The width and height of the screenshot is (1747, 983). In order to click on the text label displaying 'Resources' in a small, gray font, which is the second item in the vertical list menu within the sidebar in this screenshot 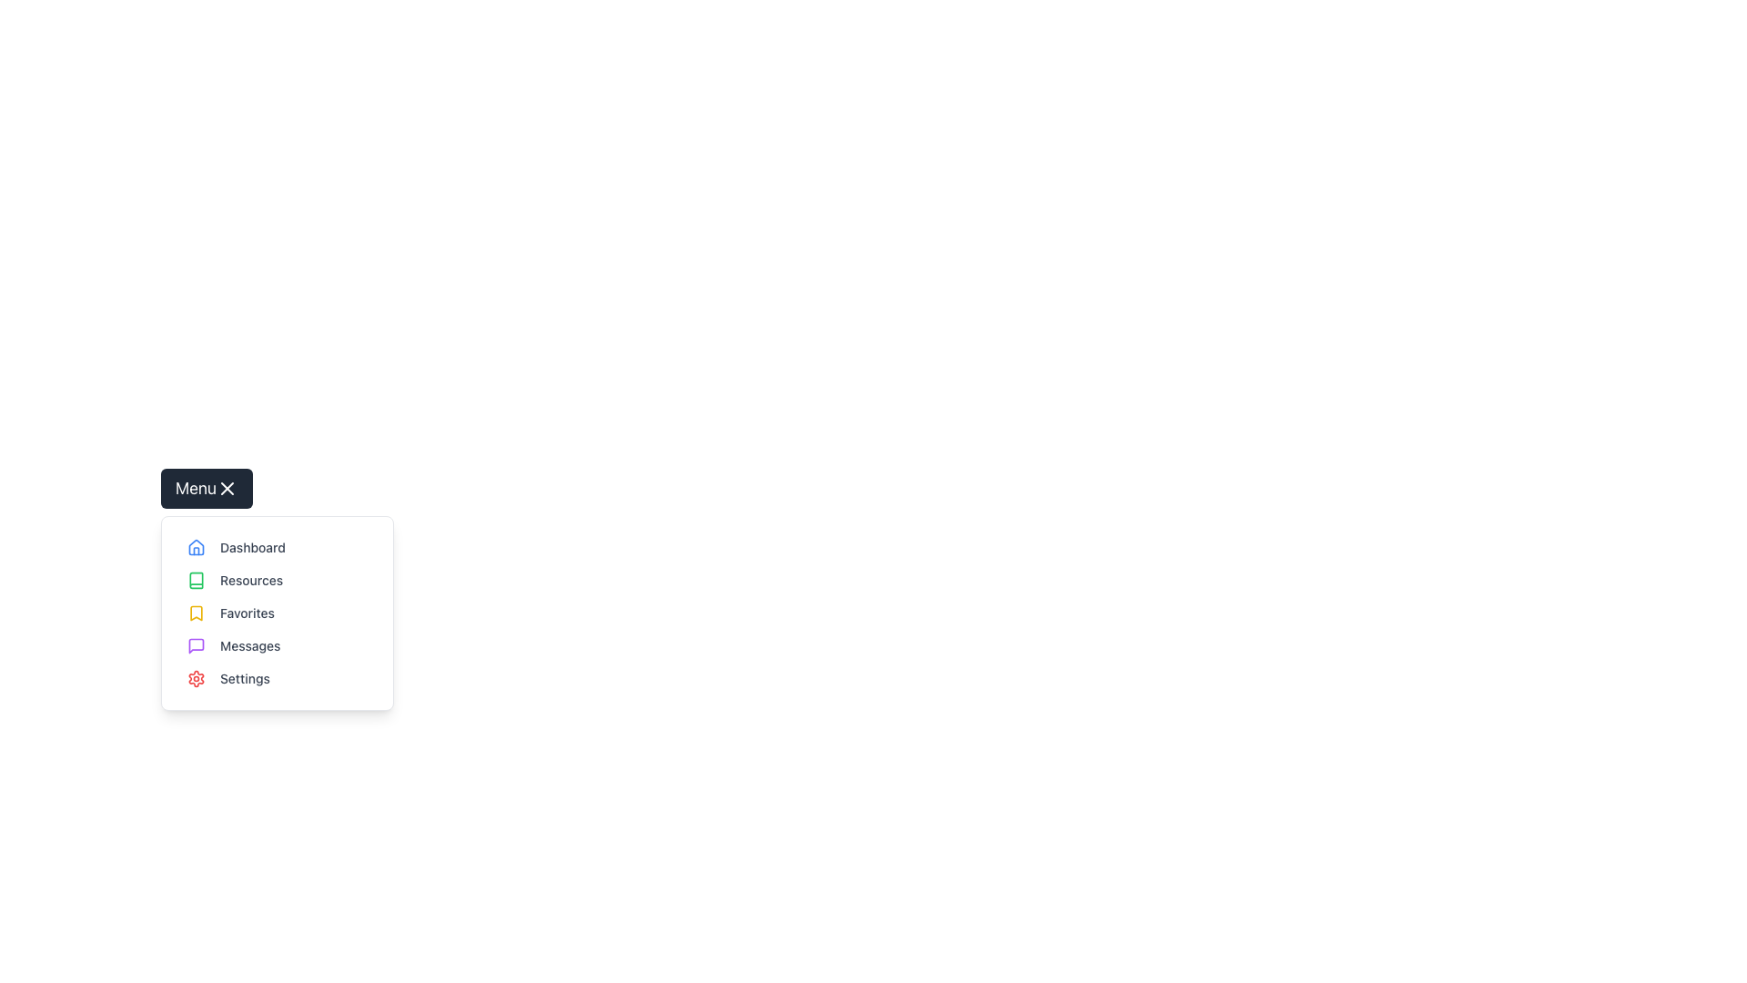, I will do `click(250, 580)`.